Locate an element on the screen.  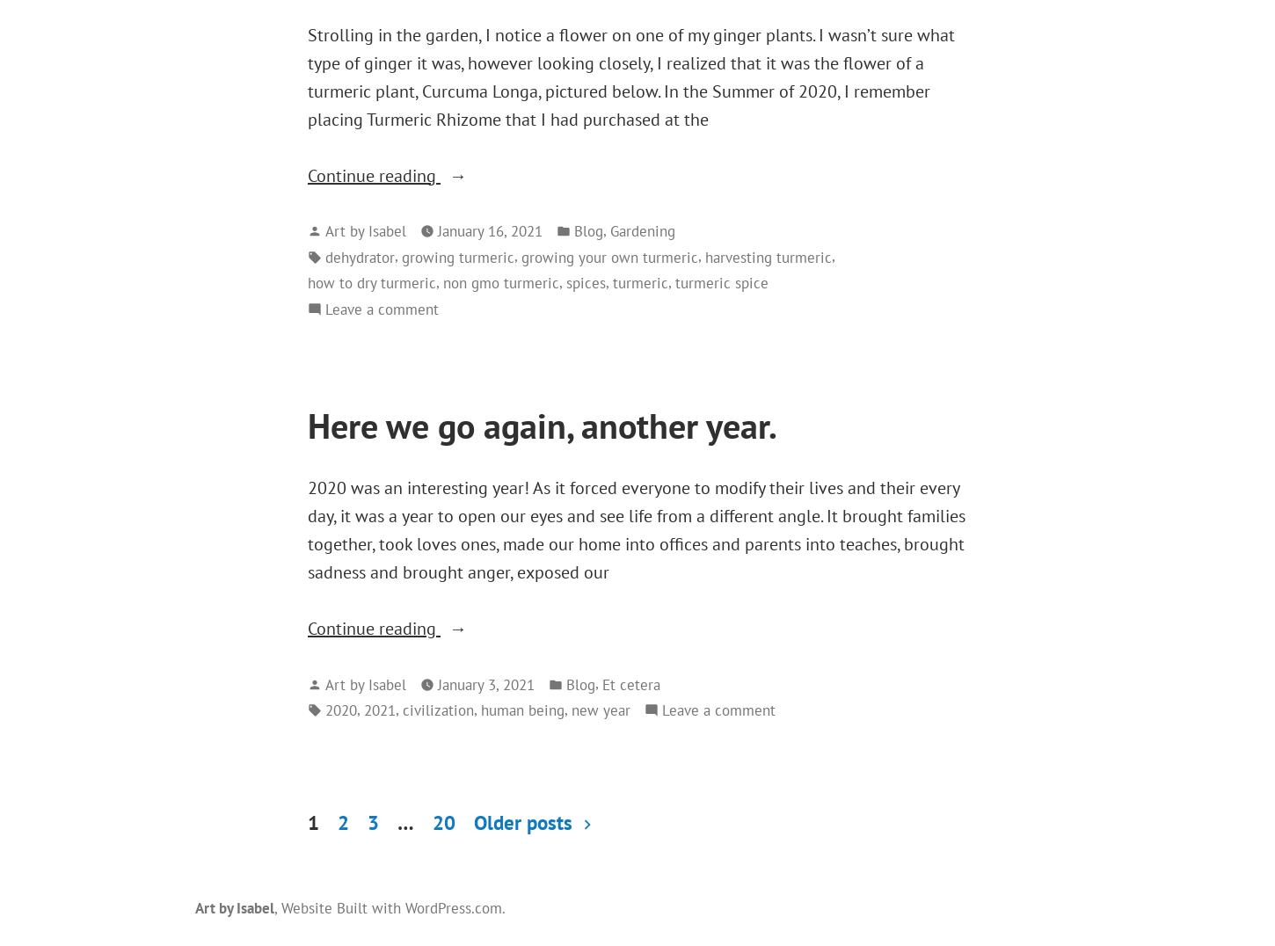
'2020' is located at coordinates (340, 709).